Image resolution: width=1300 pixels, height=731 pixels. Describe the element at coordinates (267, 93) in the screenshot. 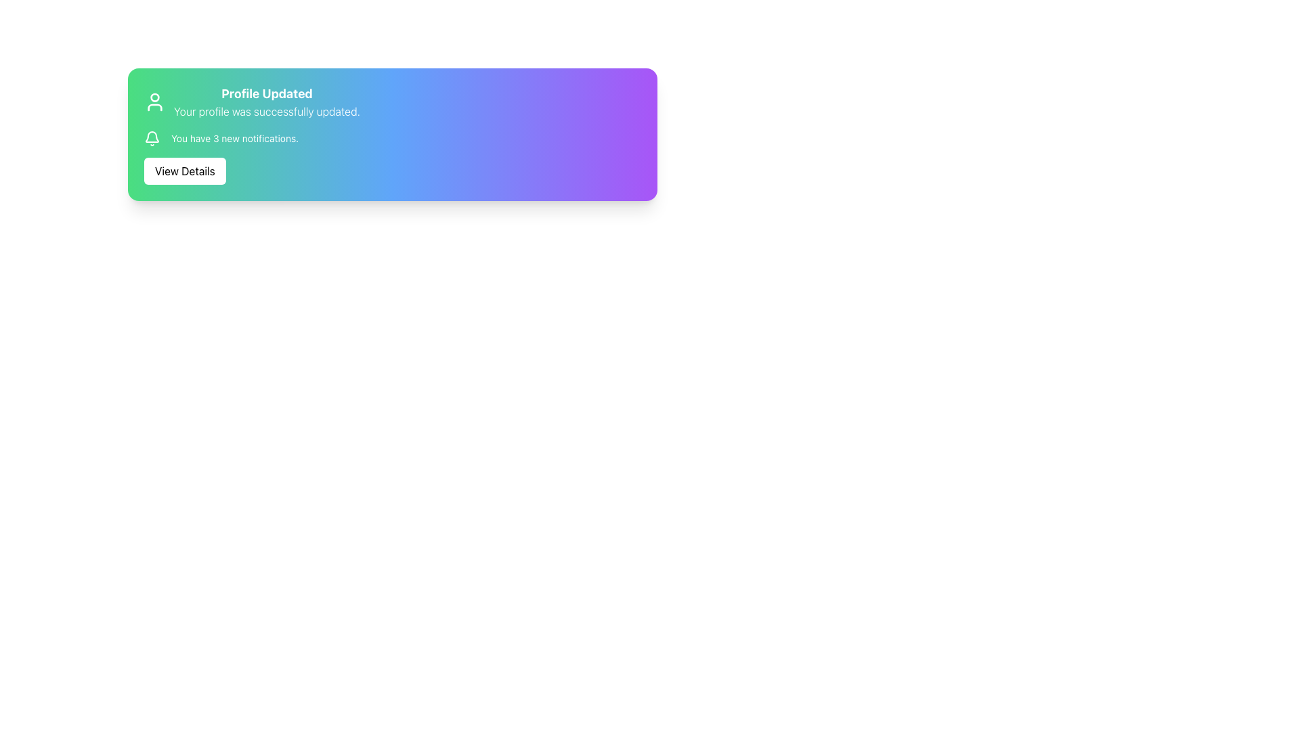

I see `the text label that serves as the title or notification header summarizing the action of updating the profile, located at the top portion of the notification card` at that location.